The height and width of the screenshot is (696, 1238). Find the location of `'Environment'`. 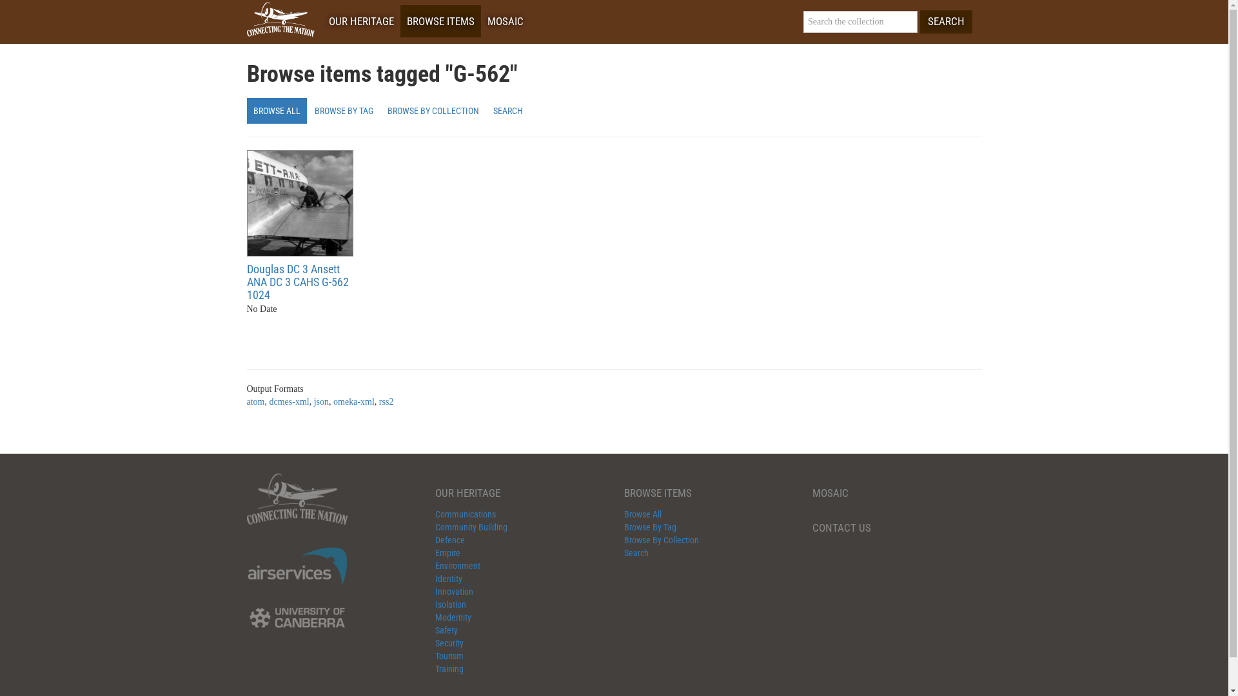

'Environment' is located at coordinates (458, 565).